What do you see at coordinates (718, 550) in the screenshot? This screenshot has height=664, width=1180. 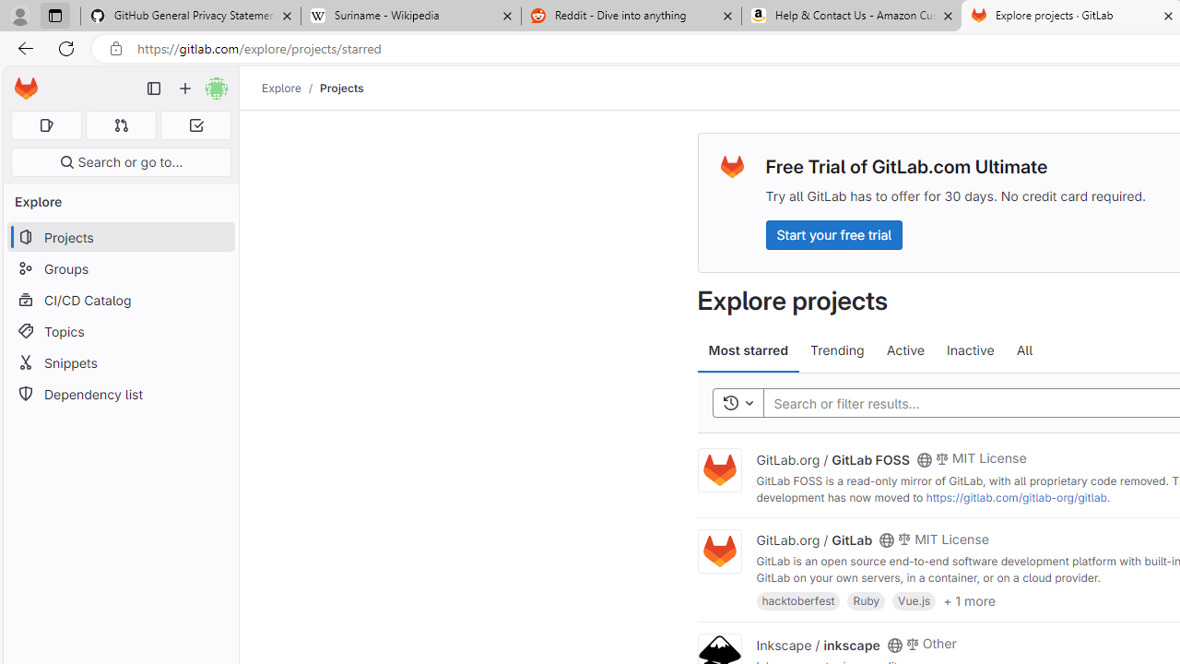 I see `'Class: project'` at bounding box center [718, 550].